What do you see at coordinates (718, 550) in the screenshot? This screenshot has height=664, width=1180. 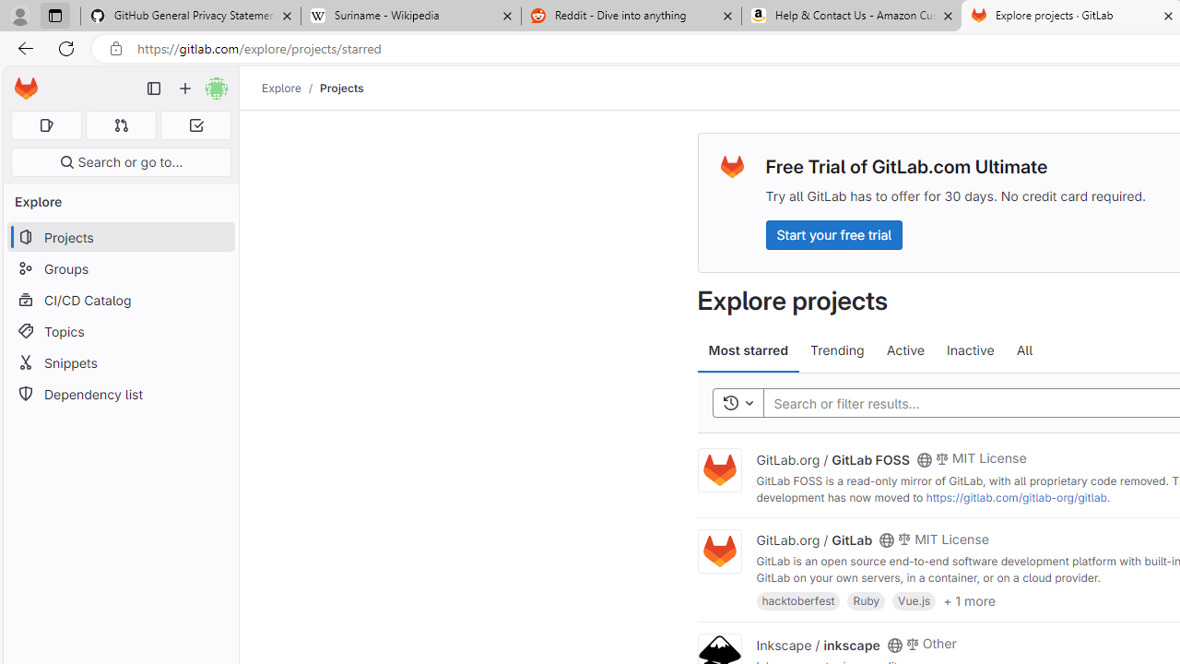 I see `'Class: project'` at bounding box center [718, 550].